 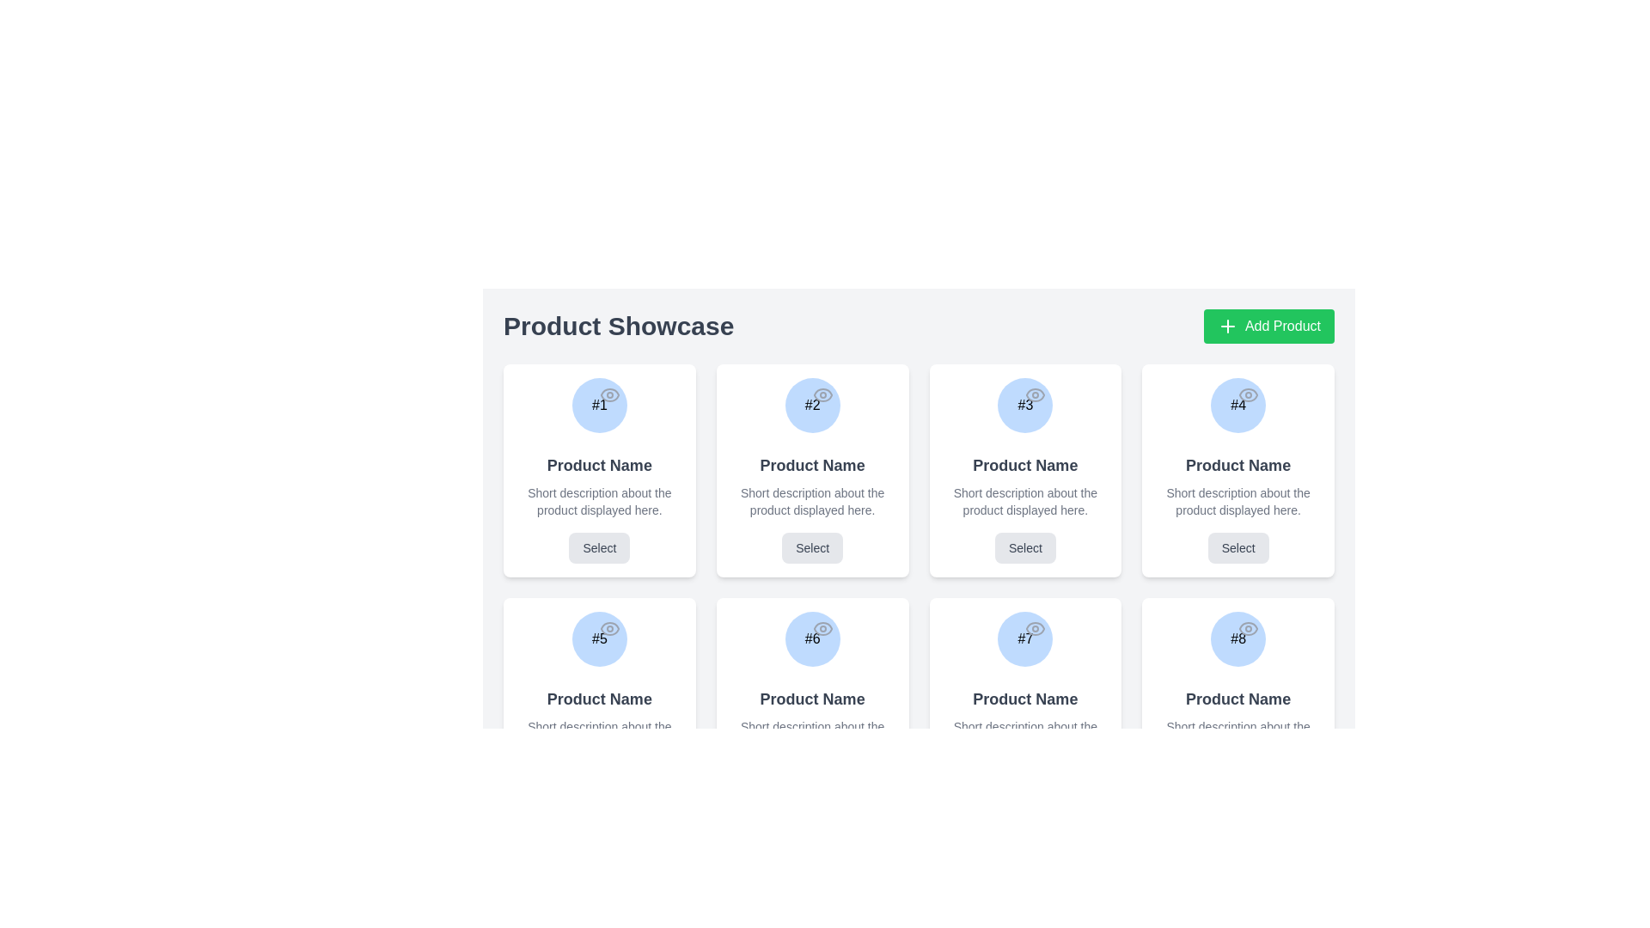 What do you see at coordinates (1249, 394) in the screenshot?
I see `the eye indicator icon located at the top-right corner of the circular region labeled '#4' in the upper right part of the fourth card` at bounding box center [1249, 394].